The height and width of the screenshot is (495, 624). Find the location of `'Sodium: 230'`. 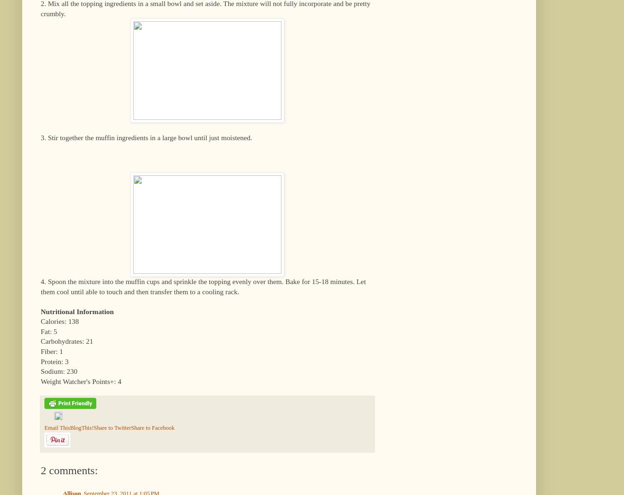

'Sodium: 230' is located at coordinates (58, 371).